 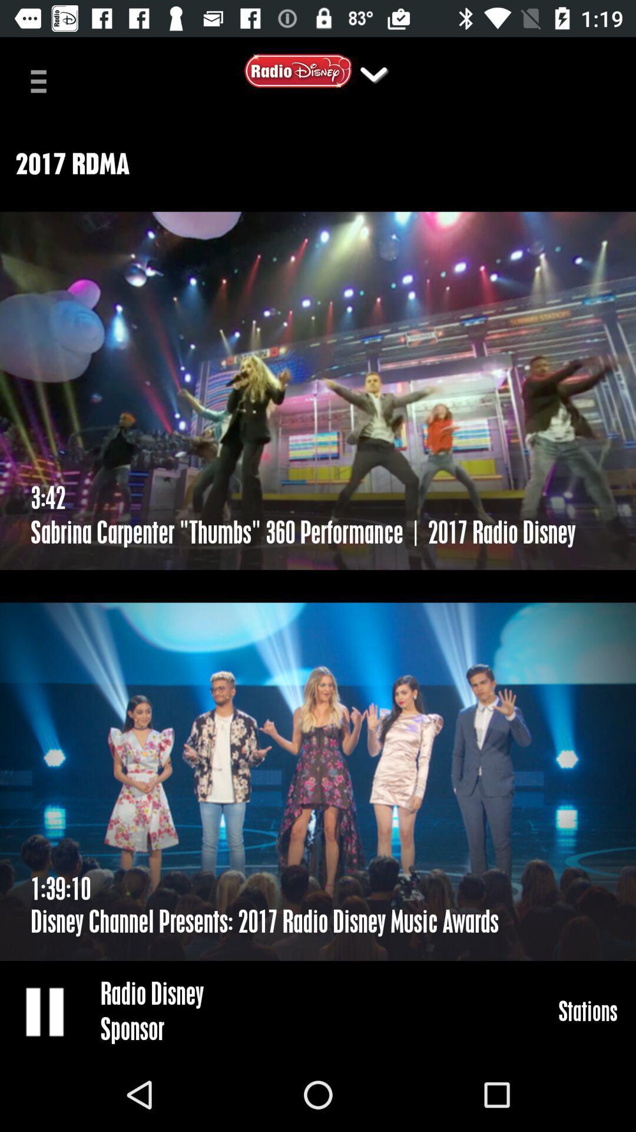 I want to click on button, so click(x=45, y=1011).